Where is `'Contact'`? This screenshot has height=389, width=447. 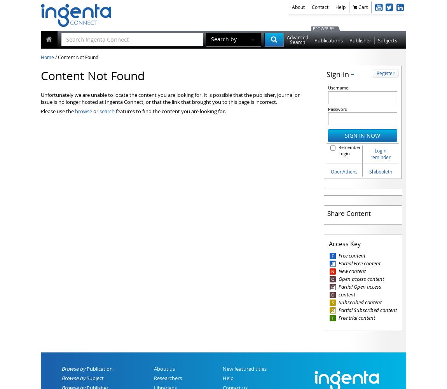 'Contact' is located at coordinates (320, 7).